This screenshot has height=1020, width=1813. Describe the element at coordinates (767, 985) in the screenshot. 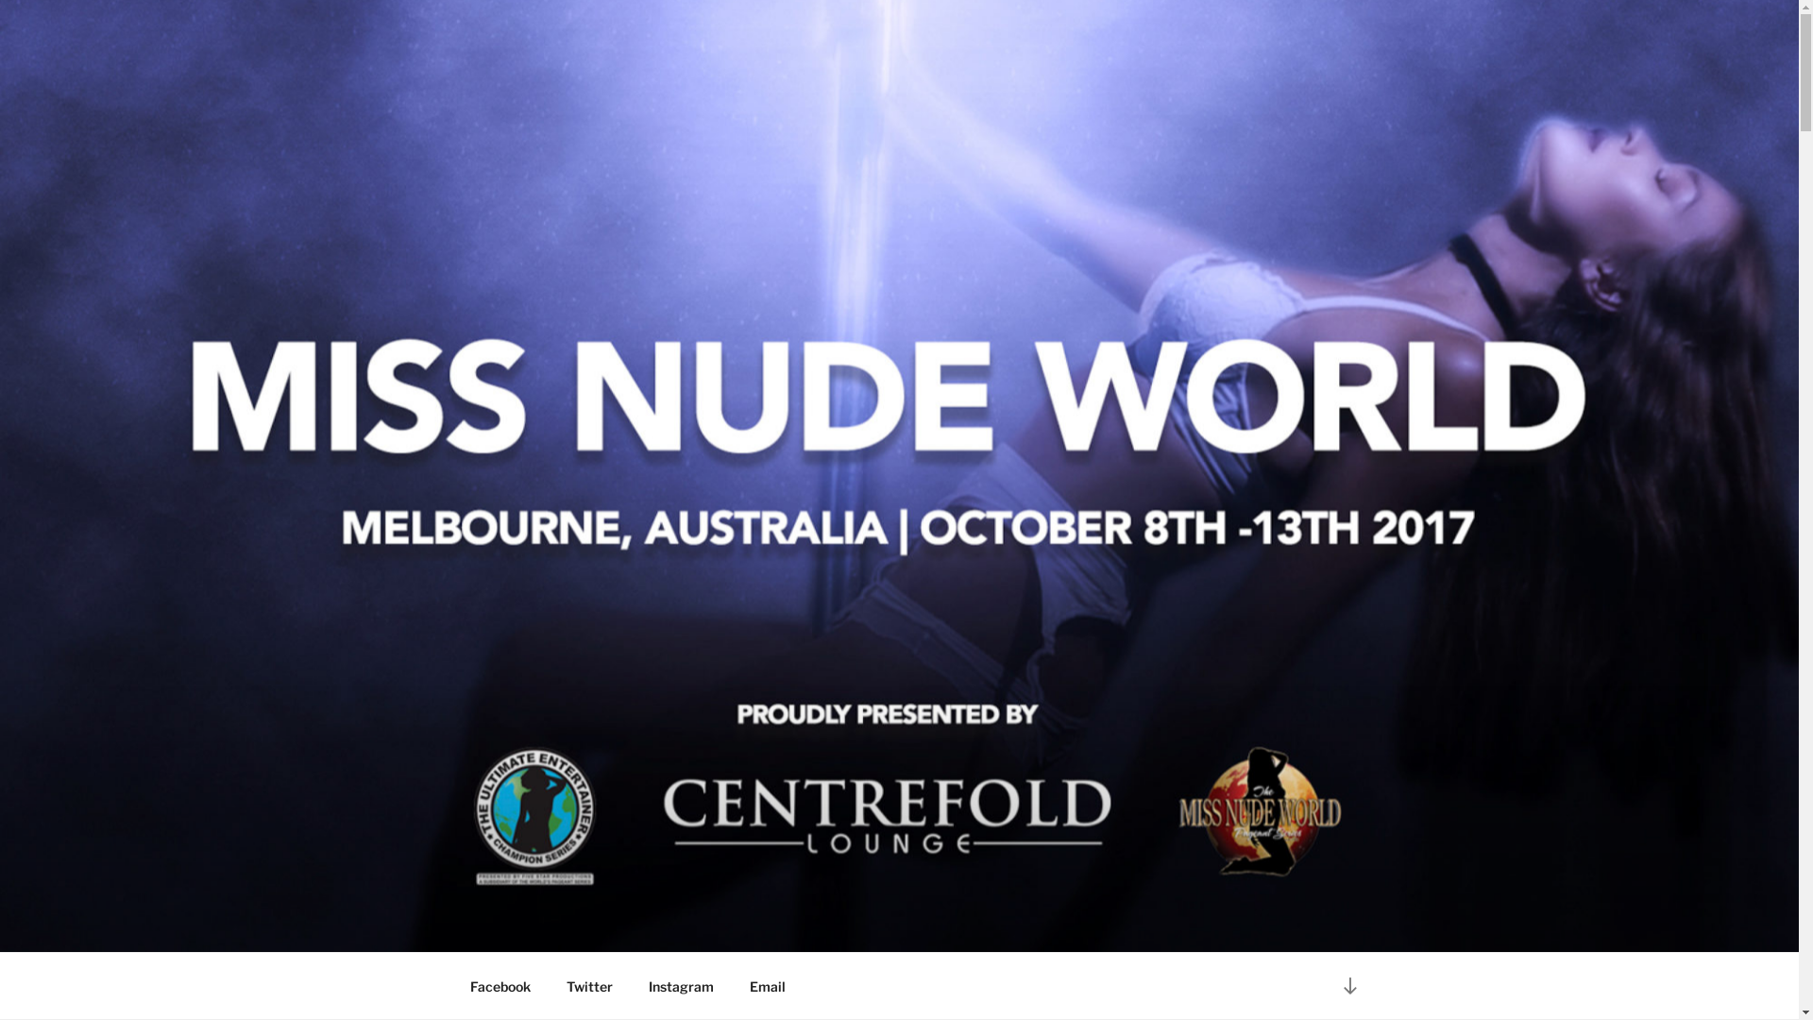

I see `'Email'` at that location.